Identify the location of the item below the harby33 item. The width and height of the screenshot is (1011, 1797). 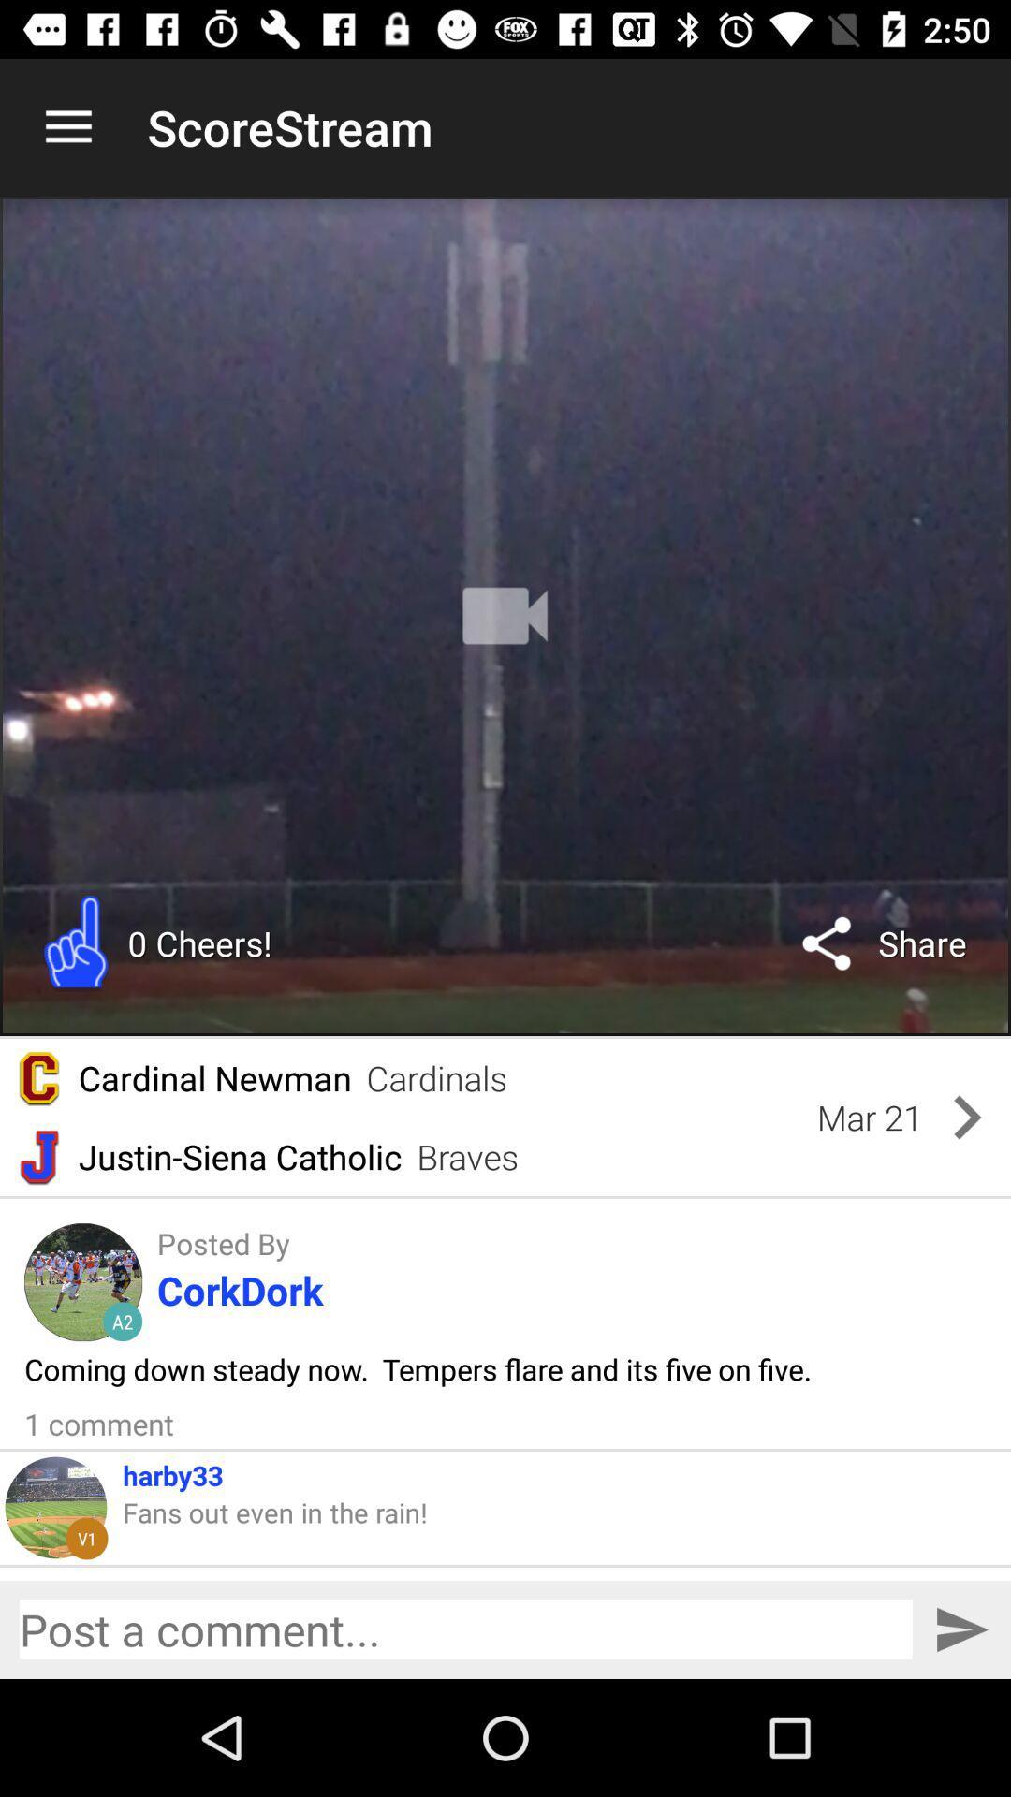
(274, 1512).